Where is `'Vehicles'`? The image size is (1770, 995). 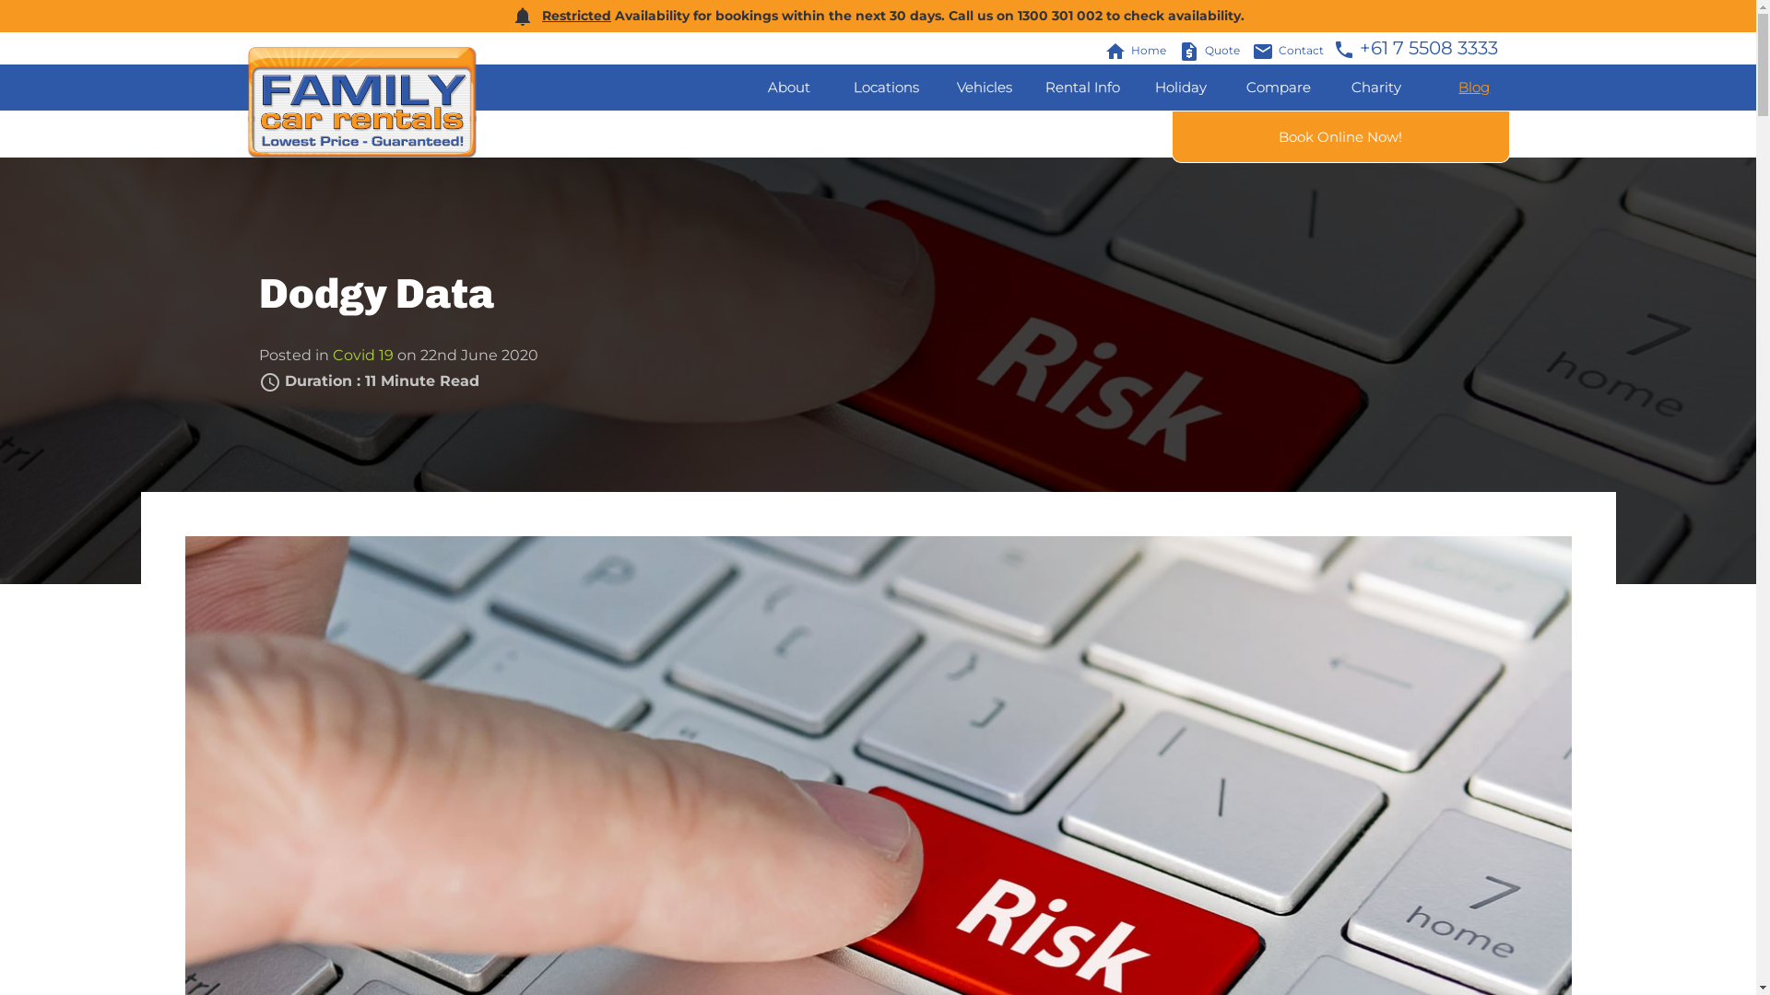
'Vehicles' is located at coordinates (984, 88).